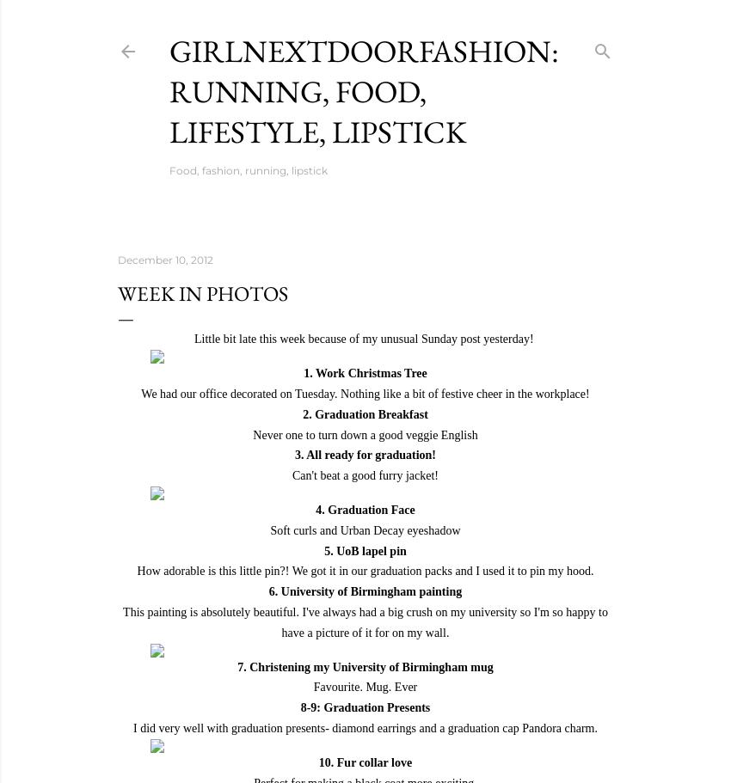 Image resolution: width=731 pixels, height=783 pixels. What do you see at coordinates (365, 454) in the screenshot?
I see `'3. All ready for graduation!'` at bounding box center [365, 454].